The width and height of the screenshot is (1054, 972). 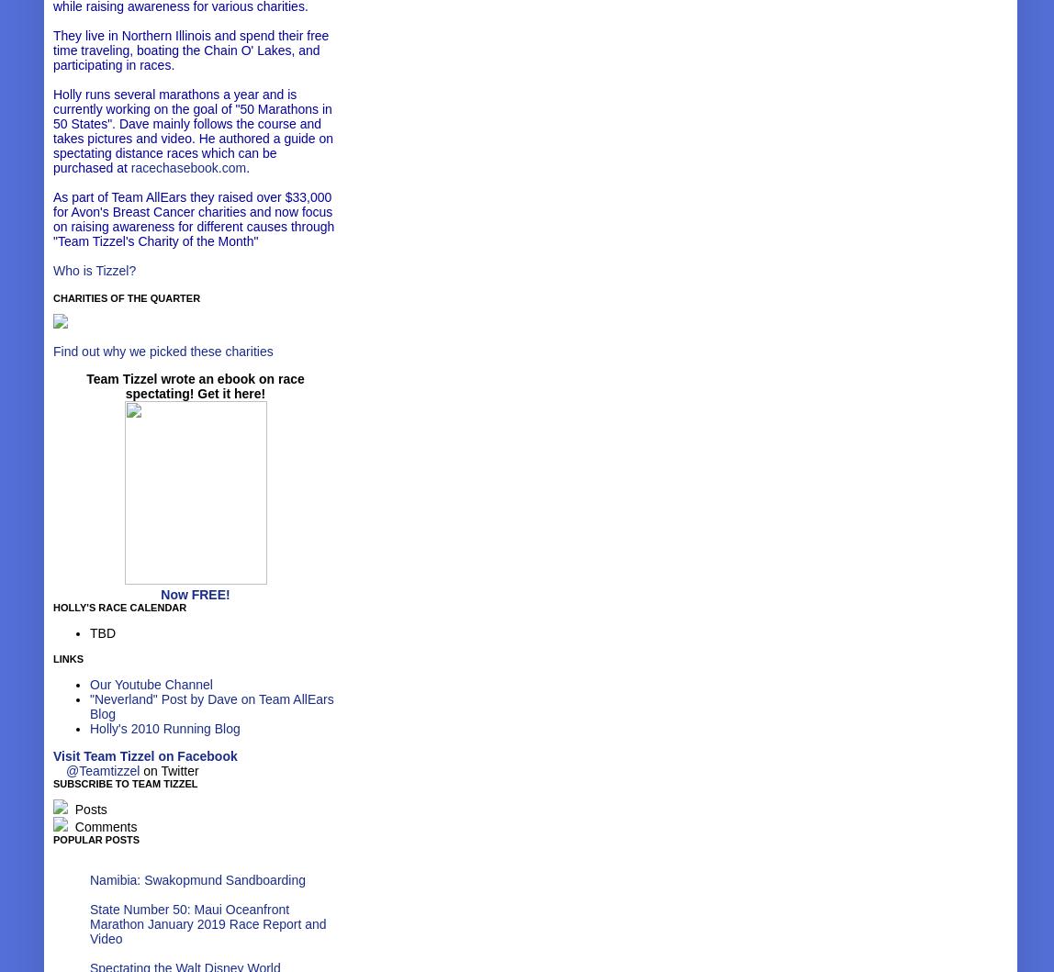 What do you see at coordinates (245, 166) in the screenshot?
I see `'.'` at bounding box center [245, 166].